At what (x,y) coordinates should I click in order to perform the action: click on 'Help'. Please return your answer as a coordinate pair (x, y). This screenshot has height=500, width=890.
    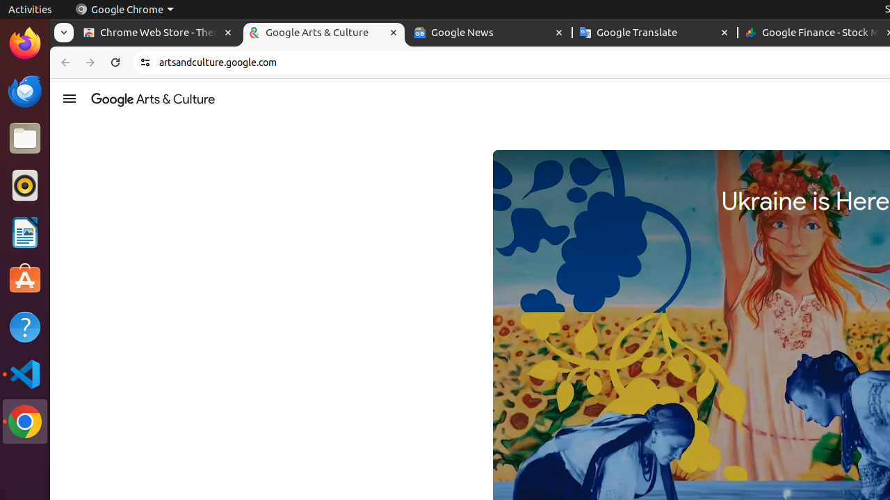
    Looking at the image, I should click on (24, 327).